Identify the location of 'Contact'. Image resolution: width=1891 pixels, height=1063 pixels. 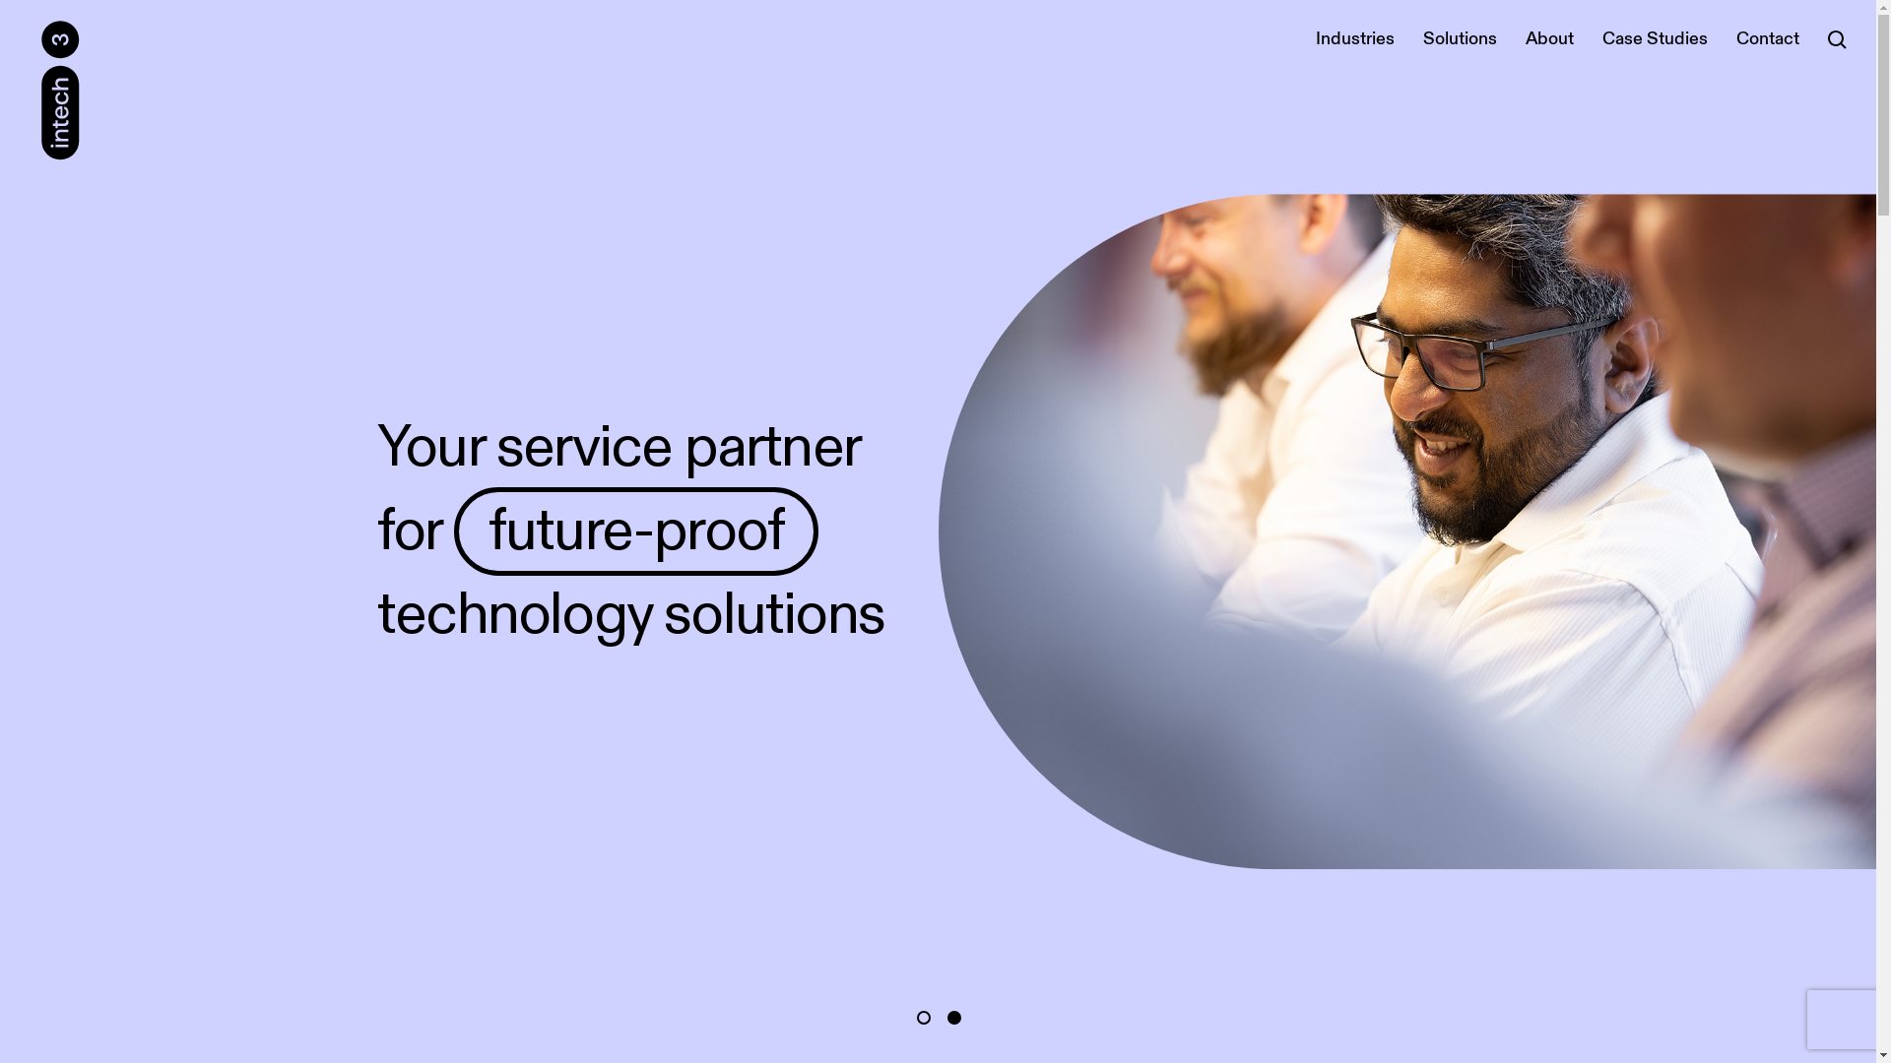
(1725, 38).